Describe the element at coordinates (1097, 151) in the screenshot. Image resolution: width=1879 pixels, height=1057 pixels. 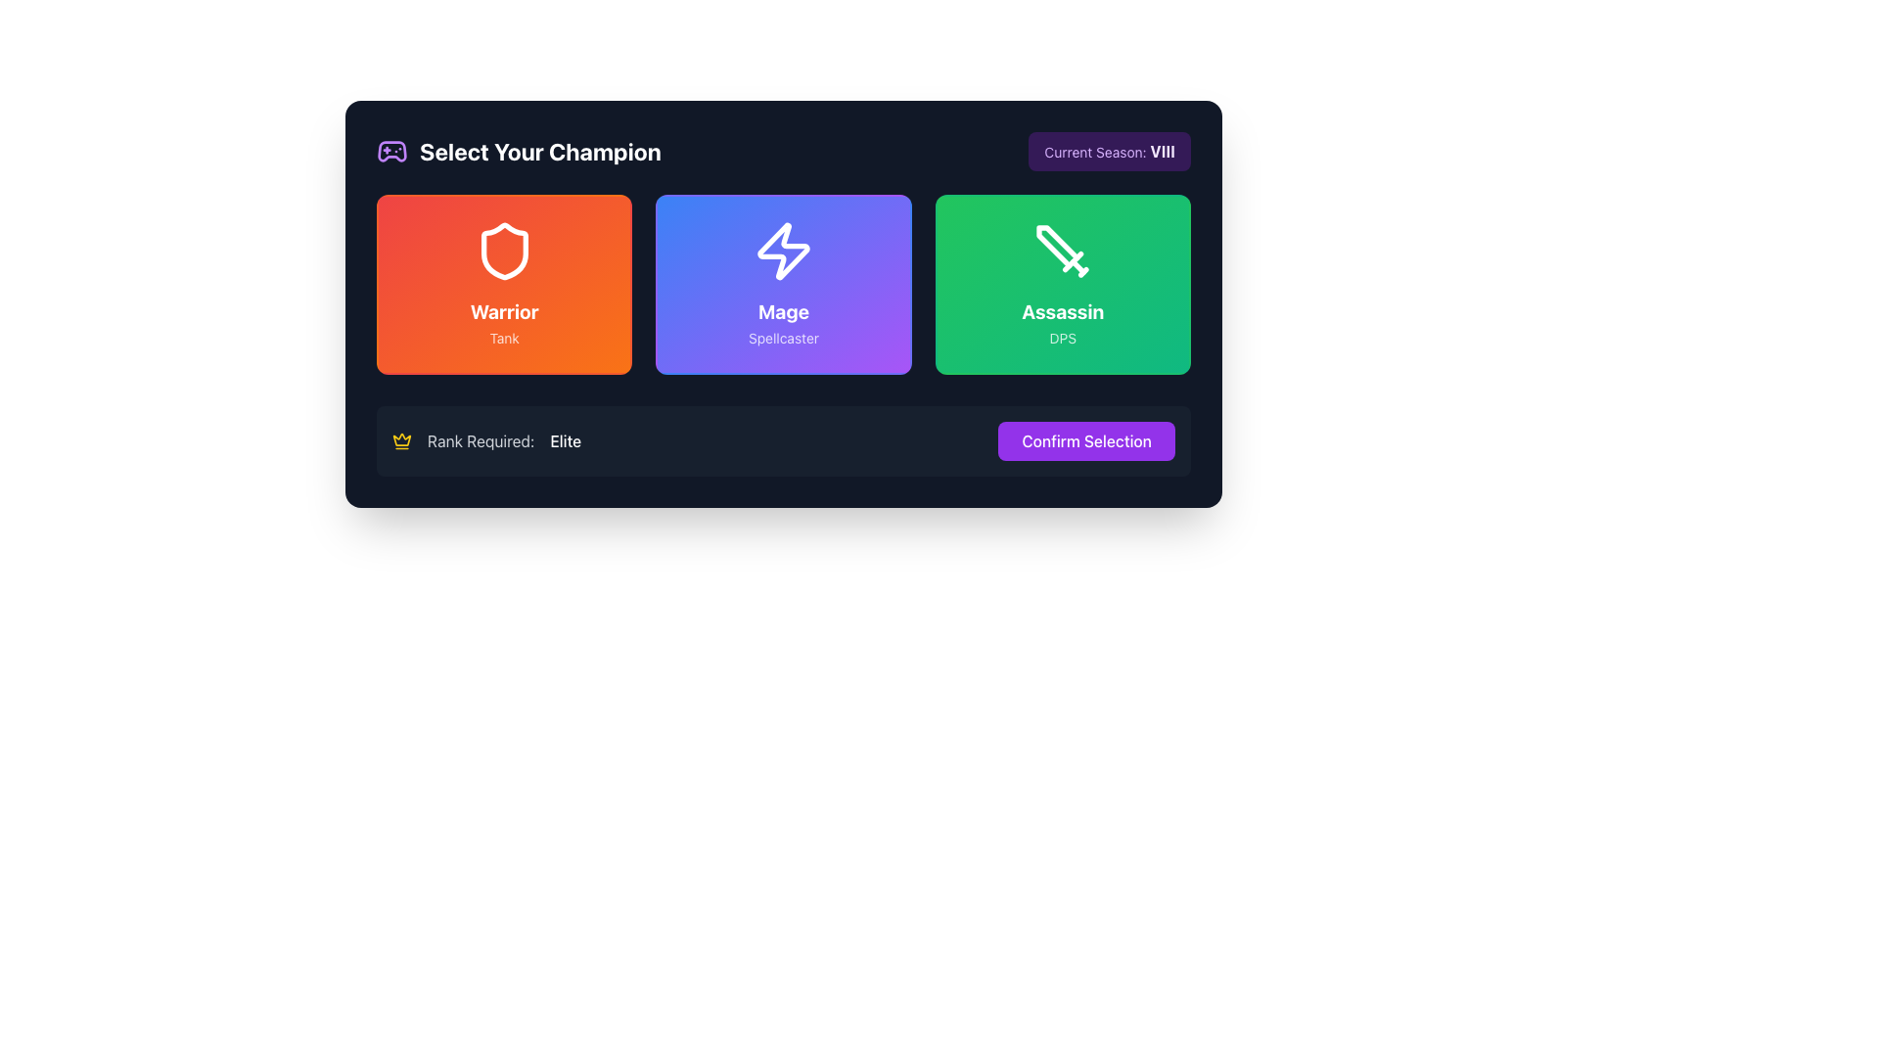
I see `the static text label that describes the current season's value, which is positioned to the left of the element displaying 'VIII' in the upper-right section of the interface` at that location.